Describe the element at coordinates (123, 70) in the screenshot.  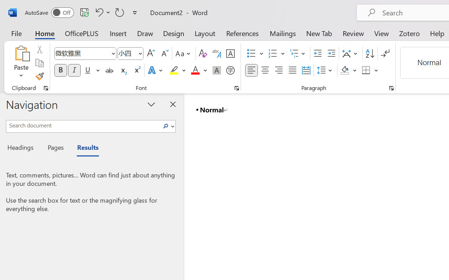
I see `'Subscript'` at that location.